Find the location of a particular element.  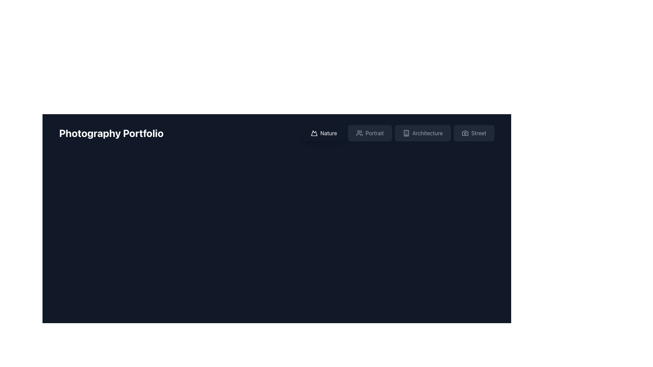

the 'Nature' button with a green background and white text is located at coordinates (323, 133).